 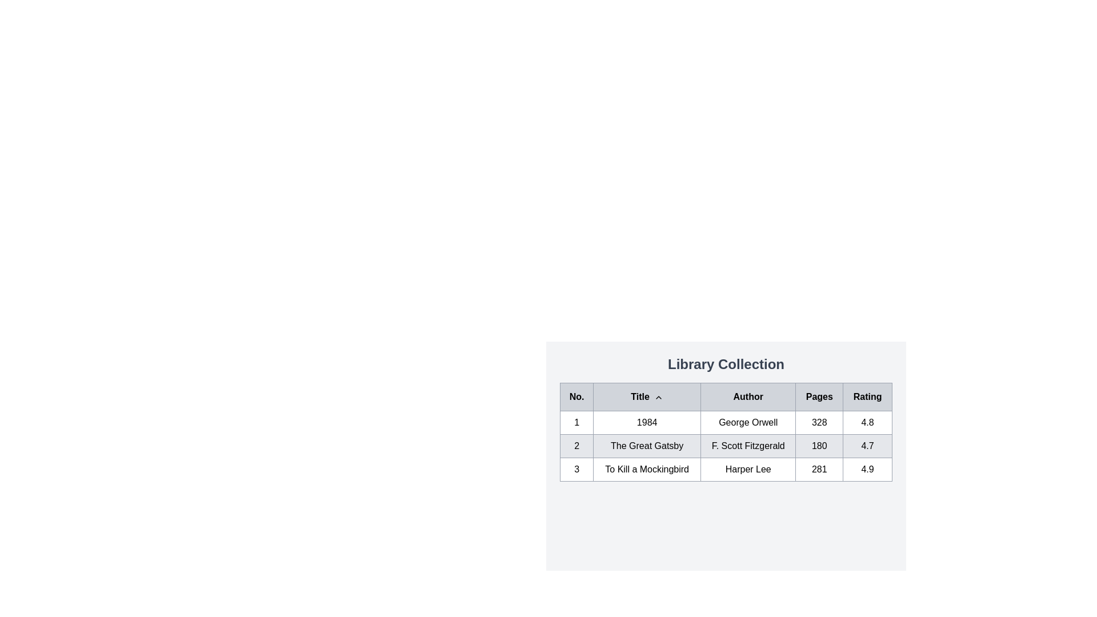 I want to click on the static text cell displaying the title '1984', which is the second cell in the first row of the table under the 'Title' column, so click(x=647, y=423).